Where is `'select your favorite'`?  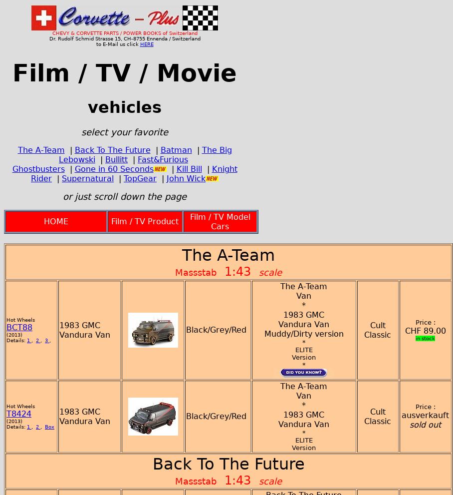 'select your favorite' is located at coordinates (124, 131).